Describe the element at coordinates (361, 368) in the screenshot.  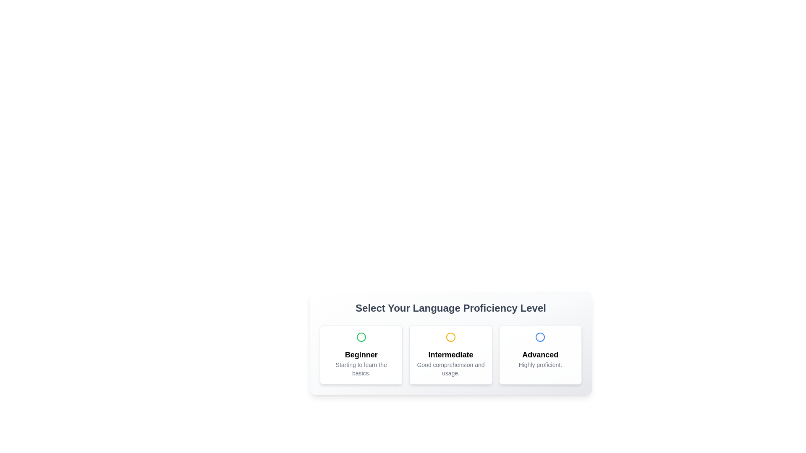
I see `the text component displaying 'Starting to learn the basics.' which is located below the 'Beginner' header and is part of the language proficiency selection layout` at that location.